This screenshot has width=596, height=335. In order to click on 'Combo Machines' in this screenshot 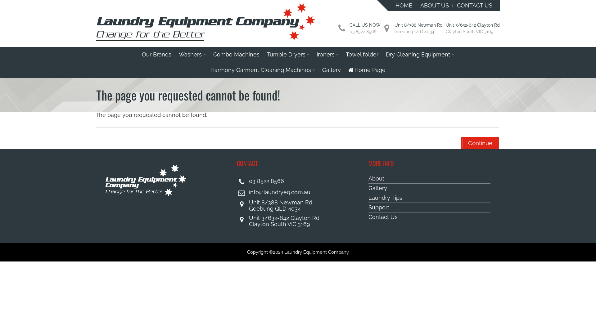, I will do `click(236, 54)`.